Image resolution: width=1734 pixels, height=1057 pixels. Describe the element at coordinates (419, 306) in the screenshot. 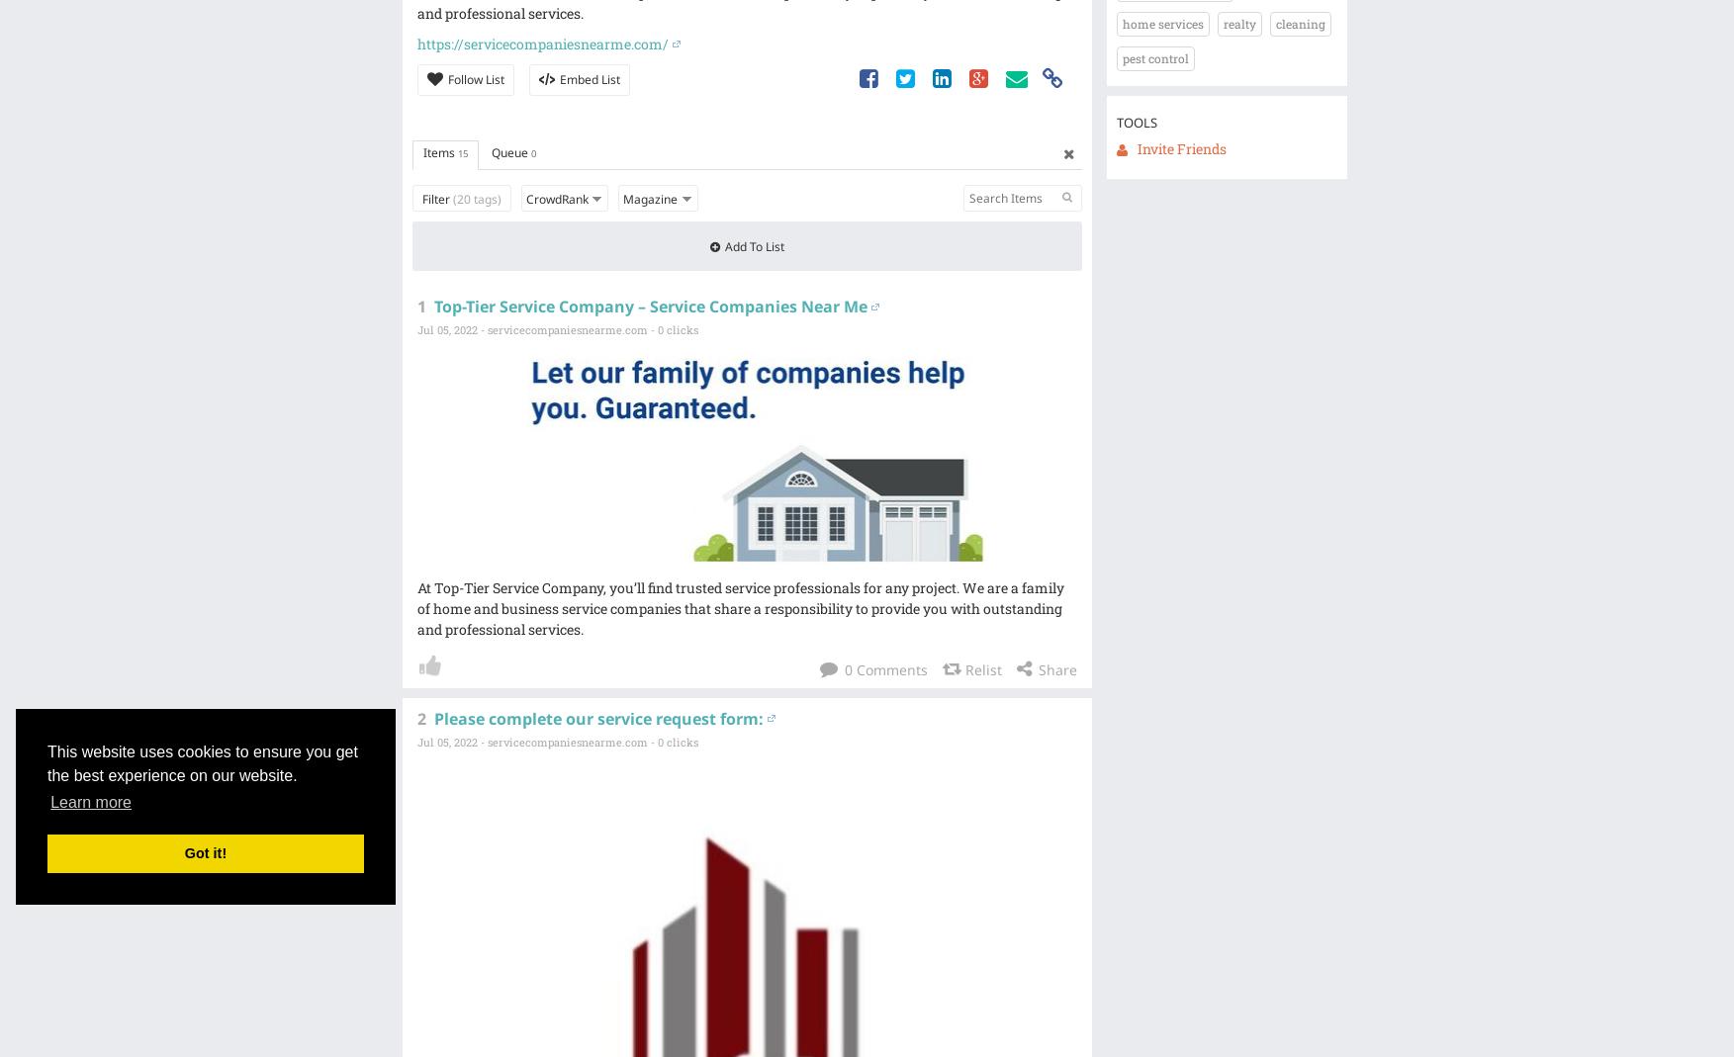

I see `'1'` at that location.